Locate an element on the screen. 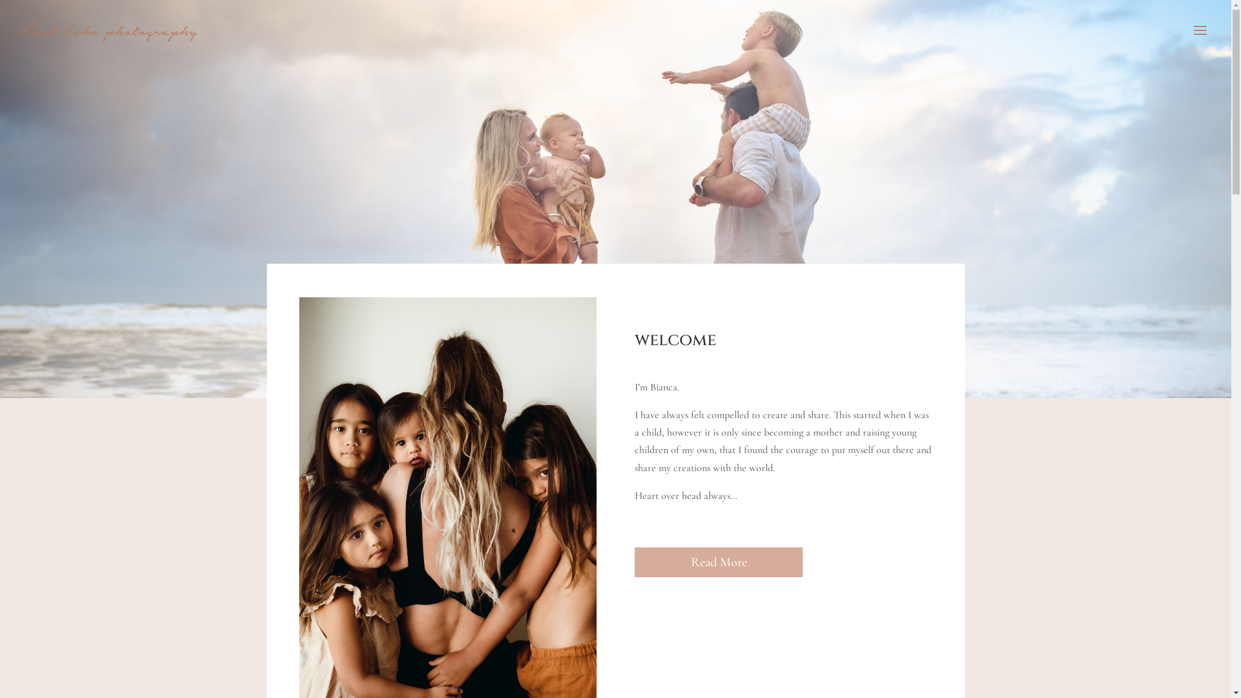 This screenshot has height=698, width=1241. 'Read More' is located at coordinates (718, 562).